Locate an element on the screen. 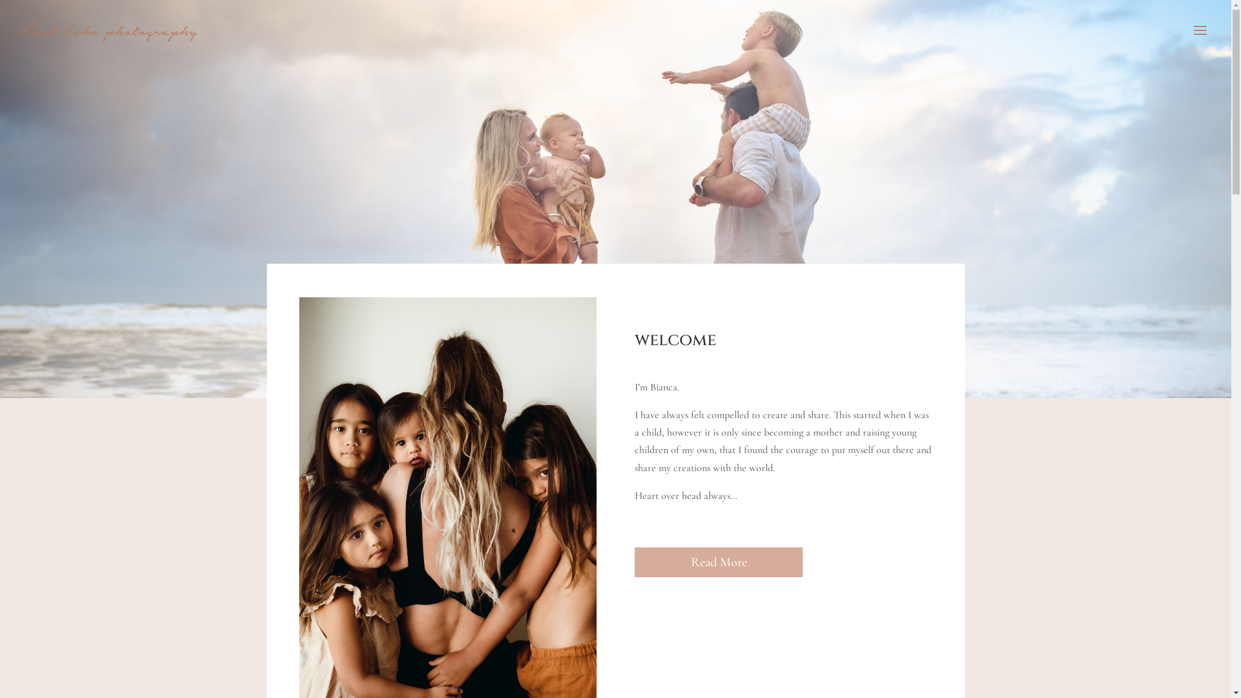 This screenshot has height=698, width=1241. 'Read More' is located at coordinates (718, 562).